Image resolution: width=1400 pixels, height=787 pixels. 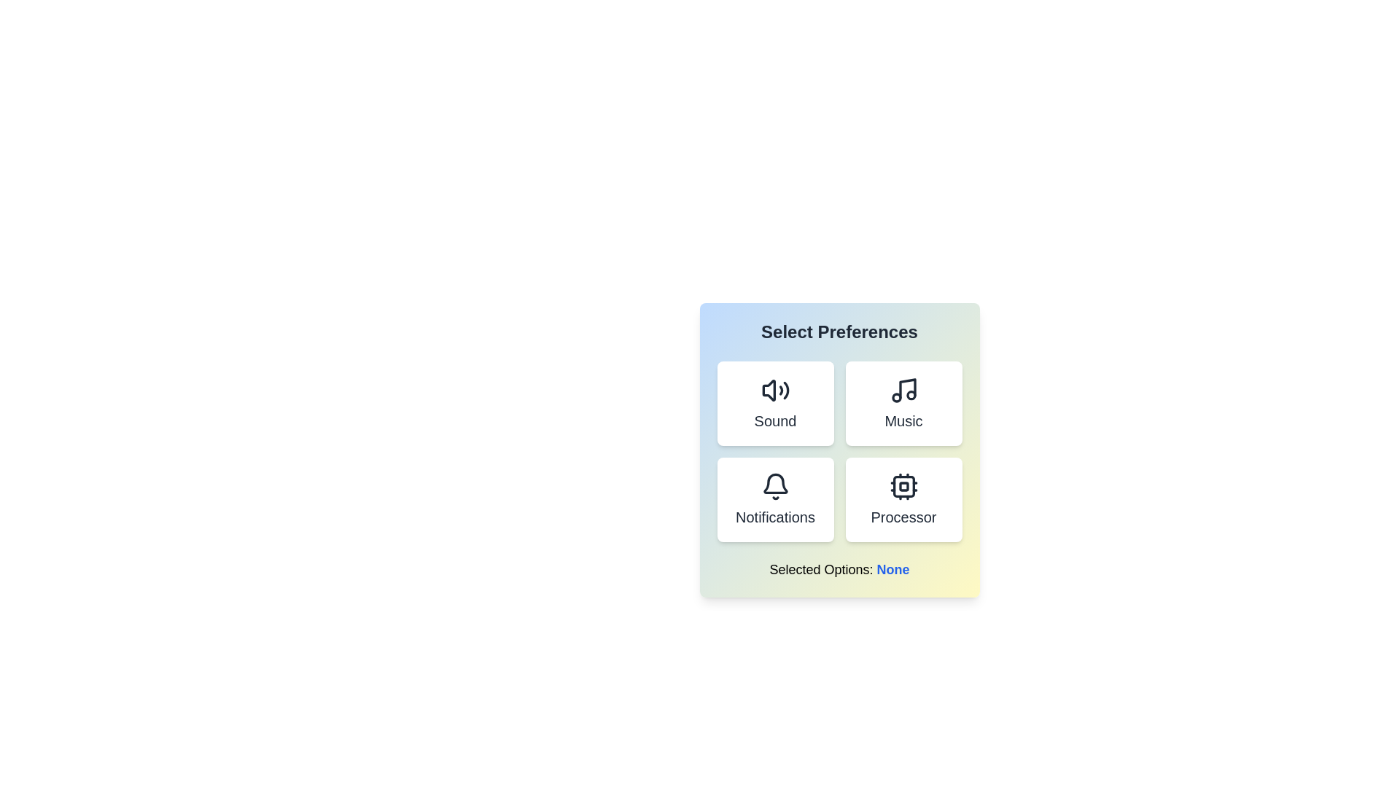 What do you see at coordinates (903, 499) in the screenshot?
I see `the preference Processor` at bounding box center [903, 499].